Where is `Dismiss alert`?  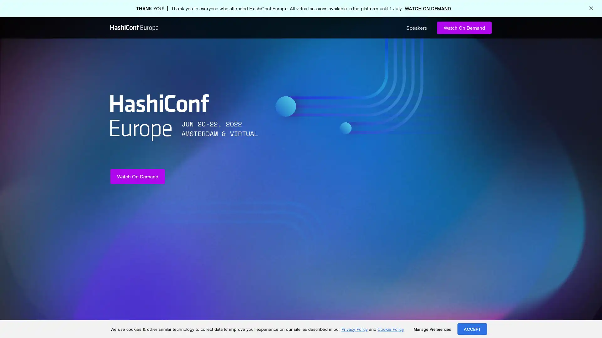 Dismiss alert is located at coordinates (591, 8).